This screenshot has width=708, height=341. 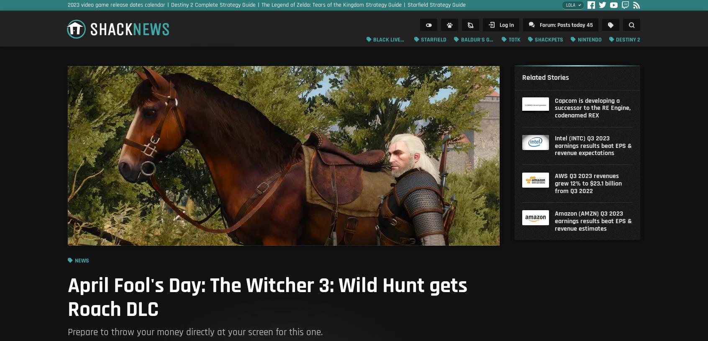 What do you see at coordinates (616, 84) in the screenshot?
I see `'Podcasts'` at bounding box center [616, 84].